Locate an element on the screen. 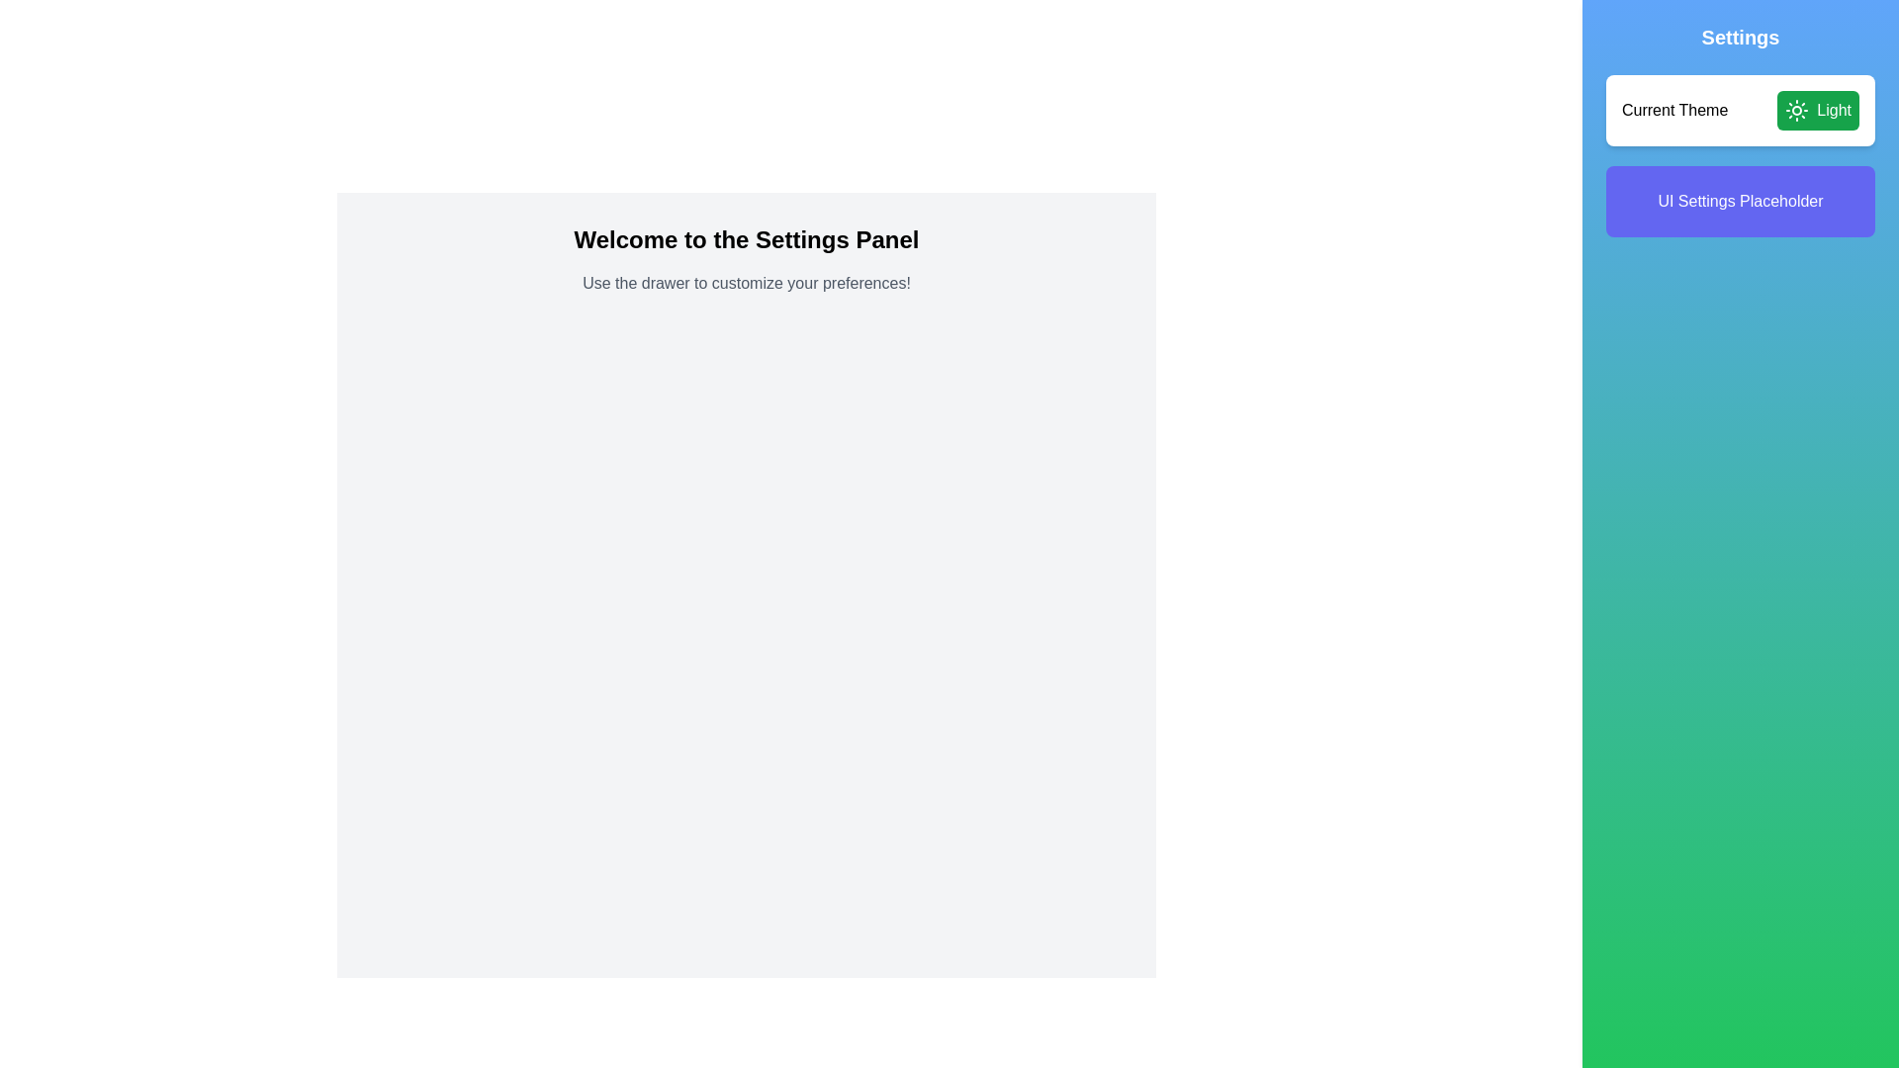 This screenshot has height=1068, width=1899. the text 'Welcome to the Settings Panel' is located at coordinates (745, 239).